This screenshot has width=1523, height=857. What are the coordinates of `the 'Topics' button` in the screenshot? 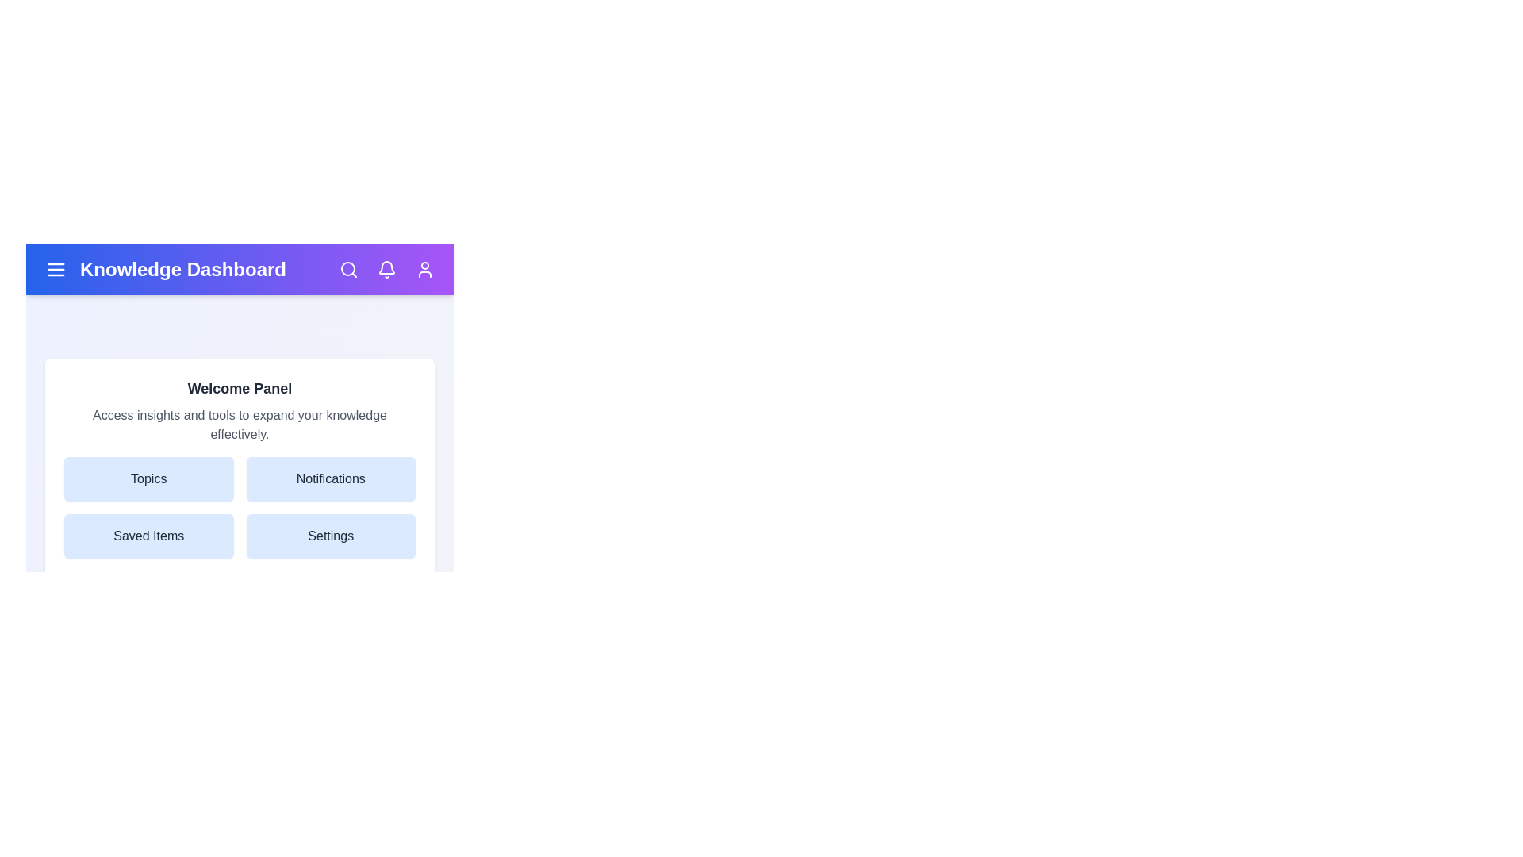 It's located at (148, 478).